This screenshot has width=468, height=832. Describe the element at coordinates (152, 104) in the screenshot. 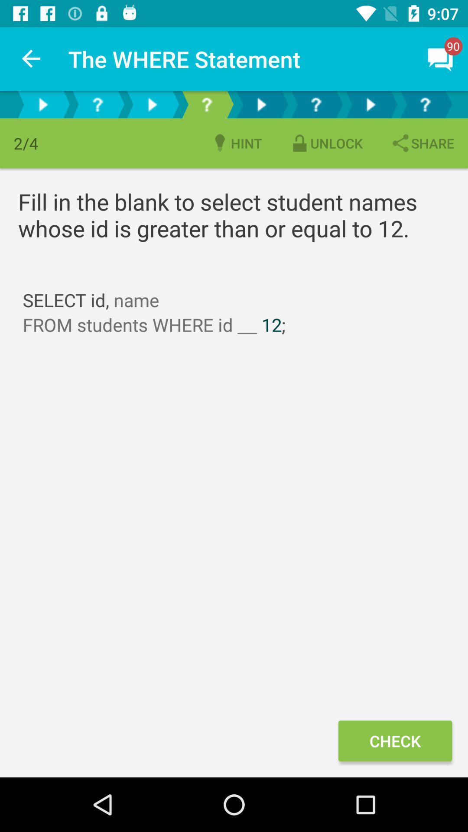

I see `next page` at that location.